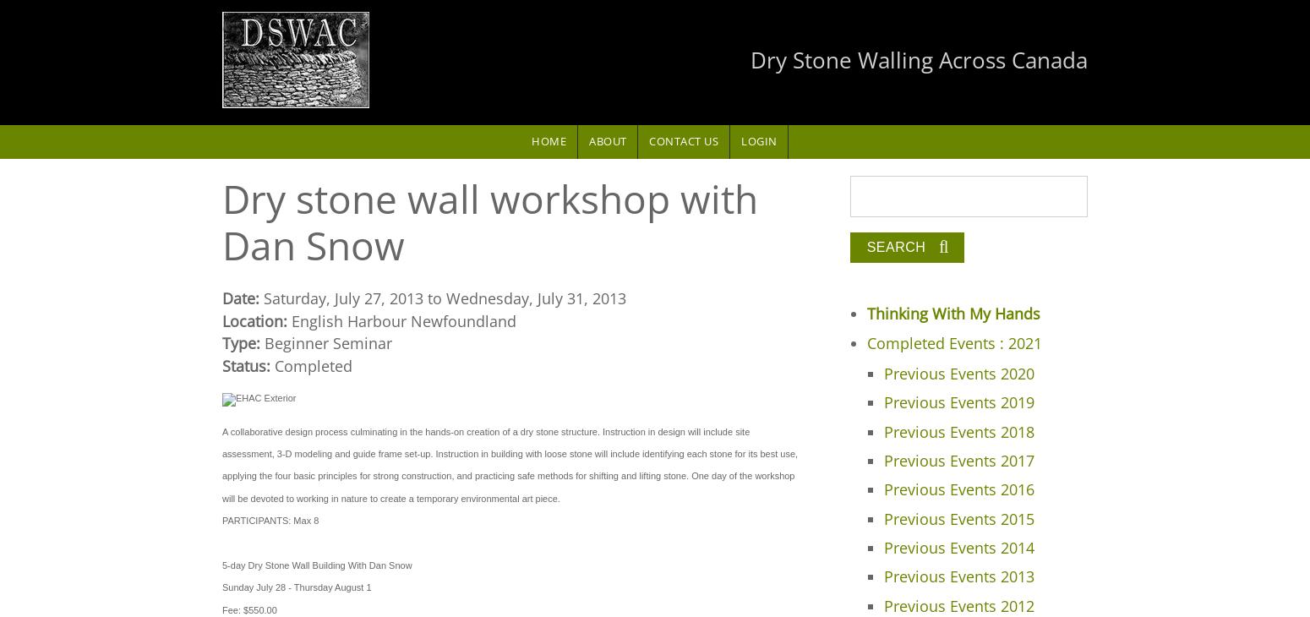 The height and width of the screenshot is (617, 1310). I want to click on 'Dry Stone Walling Across Canada', so click(750, 59).